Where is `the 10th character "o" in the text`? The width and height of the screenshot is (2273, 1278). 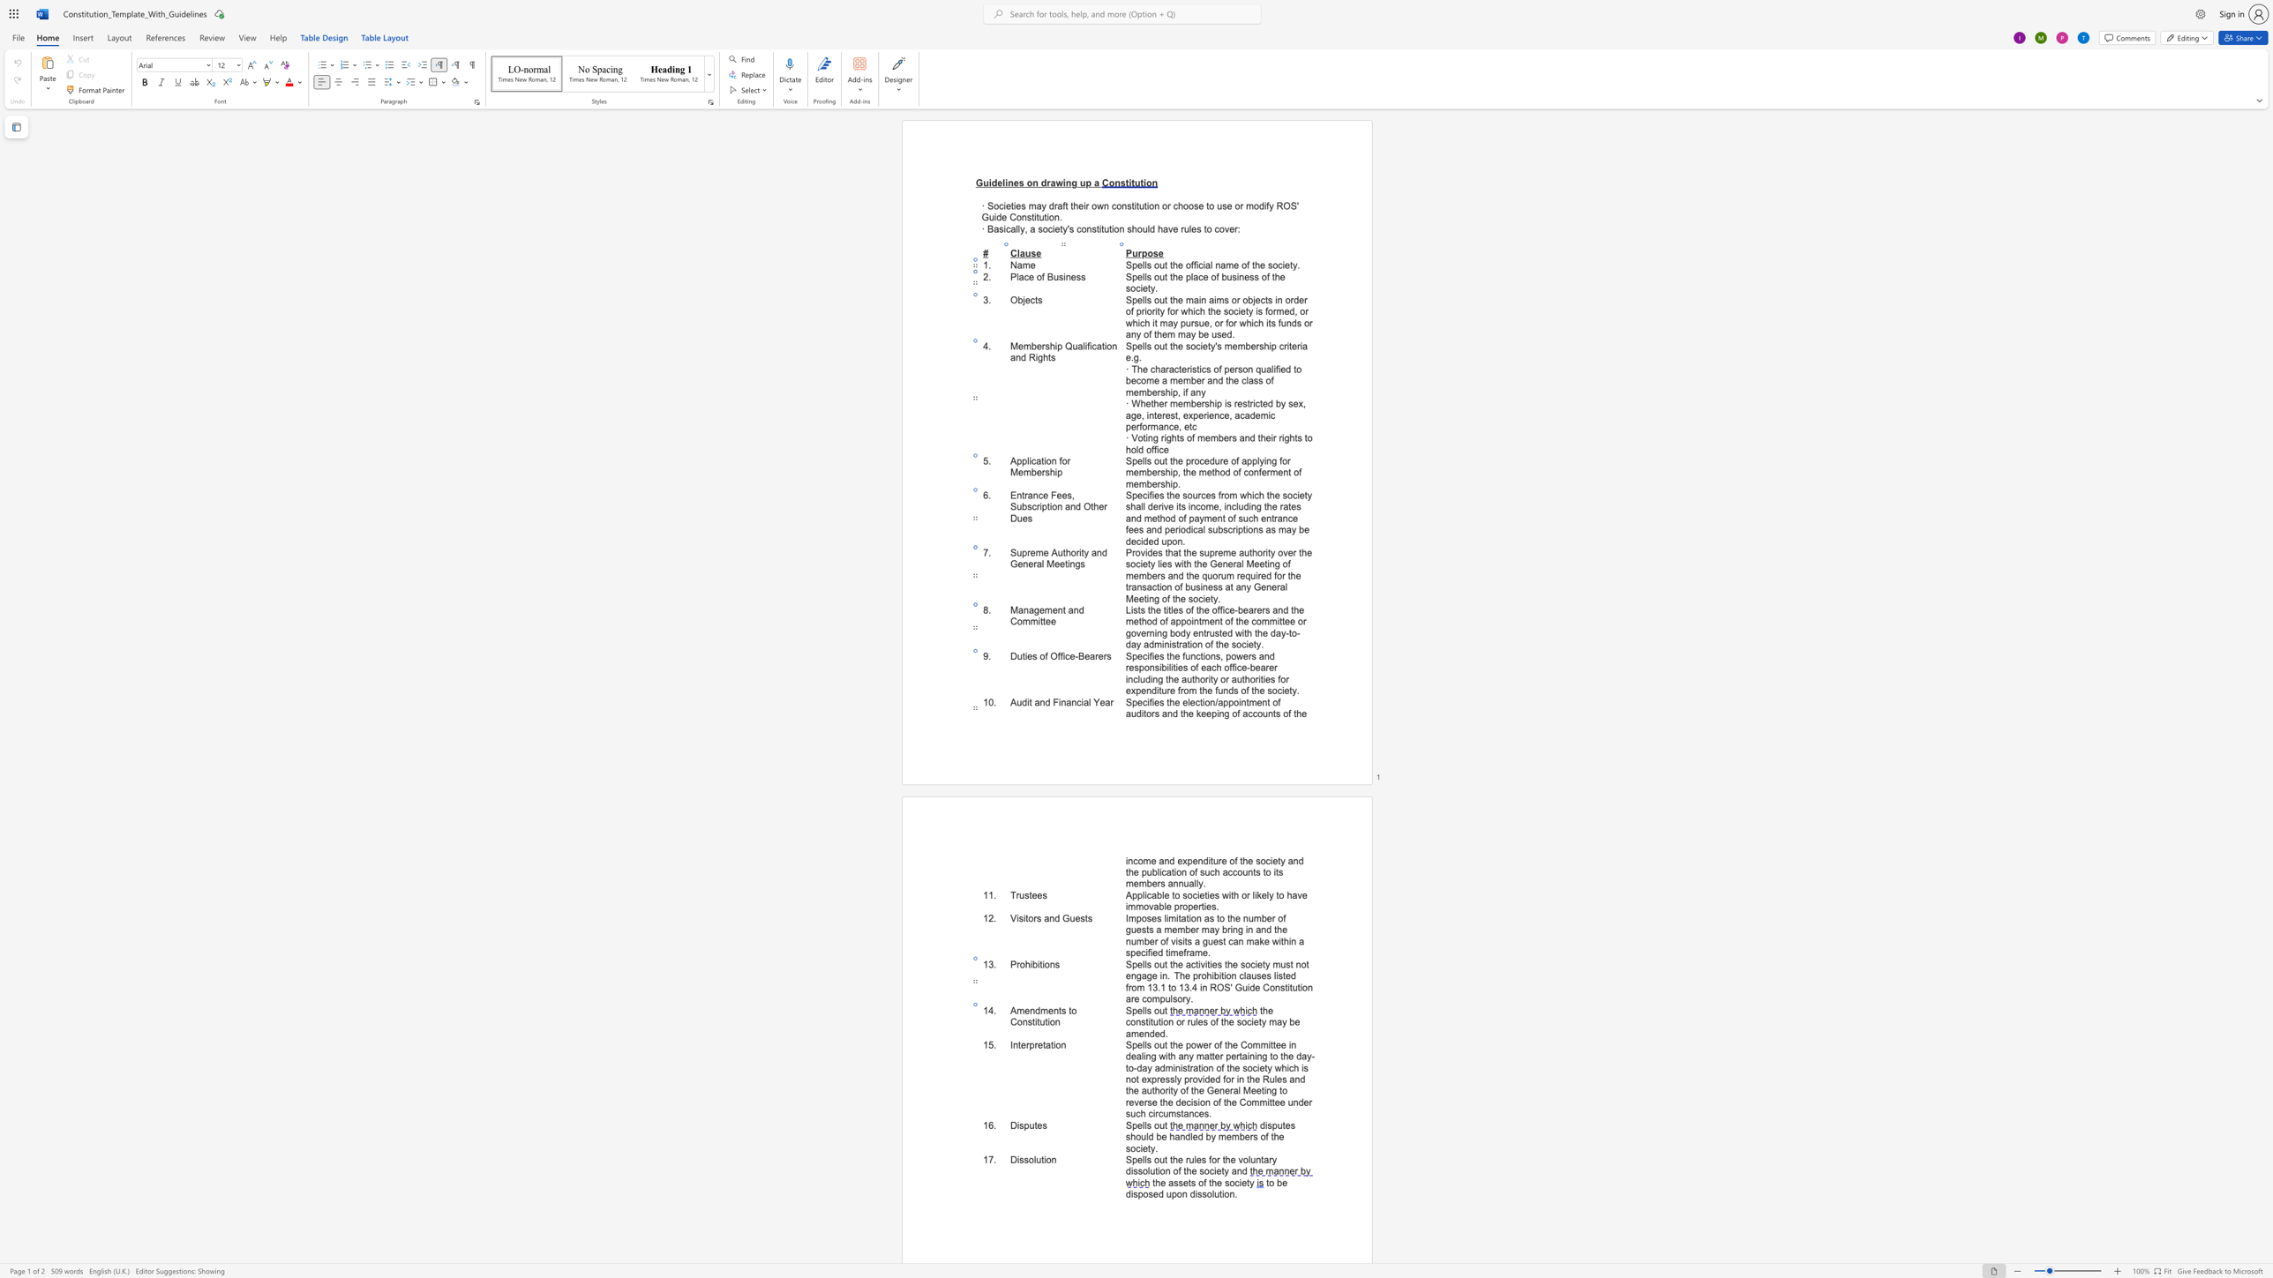
the 10th character "o" in the text is located at coordinates (1148, 998).